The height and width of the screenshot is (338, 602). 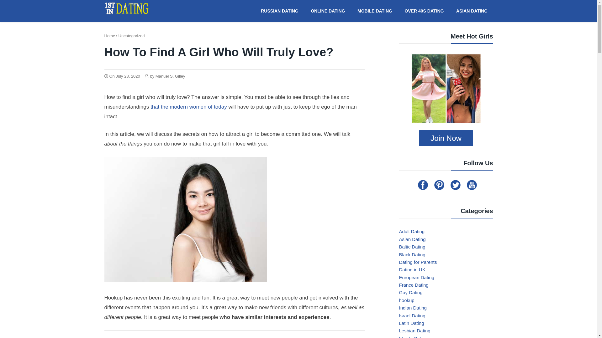 I want to click on 'OVER 40S DATING', so click(x=424, y=10).